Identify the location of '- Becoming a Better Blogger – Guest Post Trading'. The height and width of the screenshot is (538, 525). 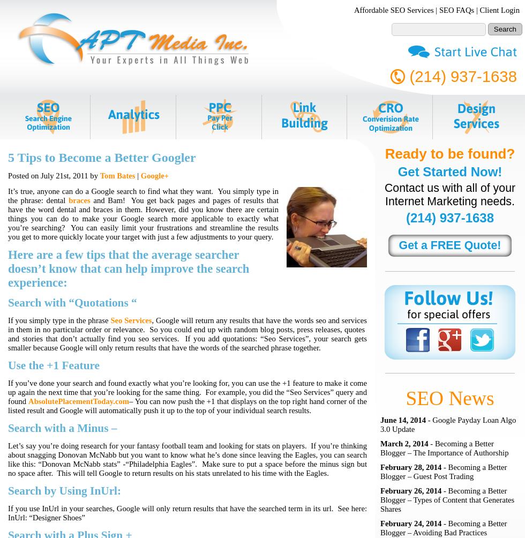
(444, 471).